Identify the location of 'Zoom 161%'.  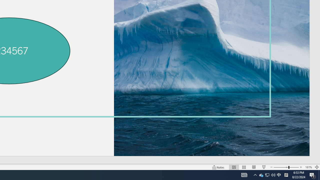
(308, 167).